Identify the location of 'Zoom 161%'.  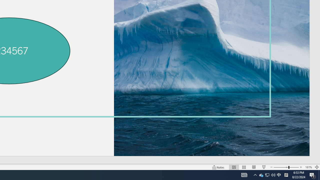
(308, 167).